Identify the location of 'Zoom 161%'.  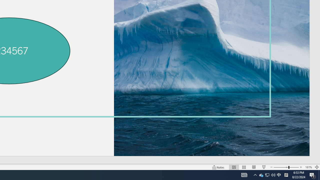
(308, 167).